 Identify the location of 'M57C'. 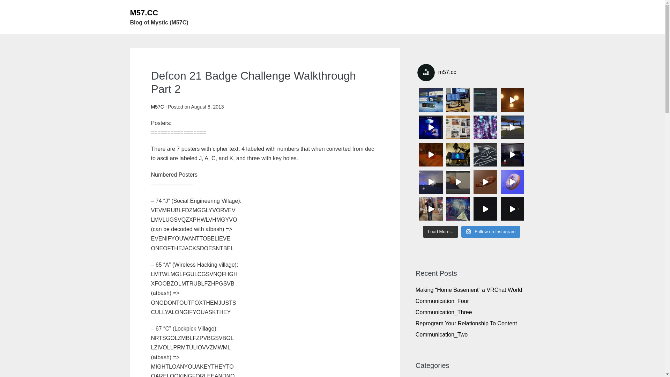
(157, 106).